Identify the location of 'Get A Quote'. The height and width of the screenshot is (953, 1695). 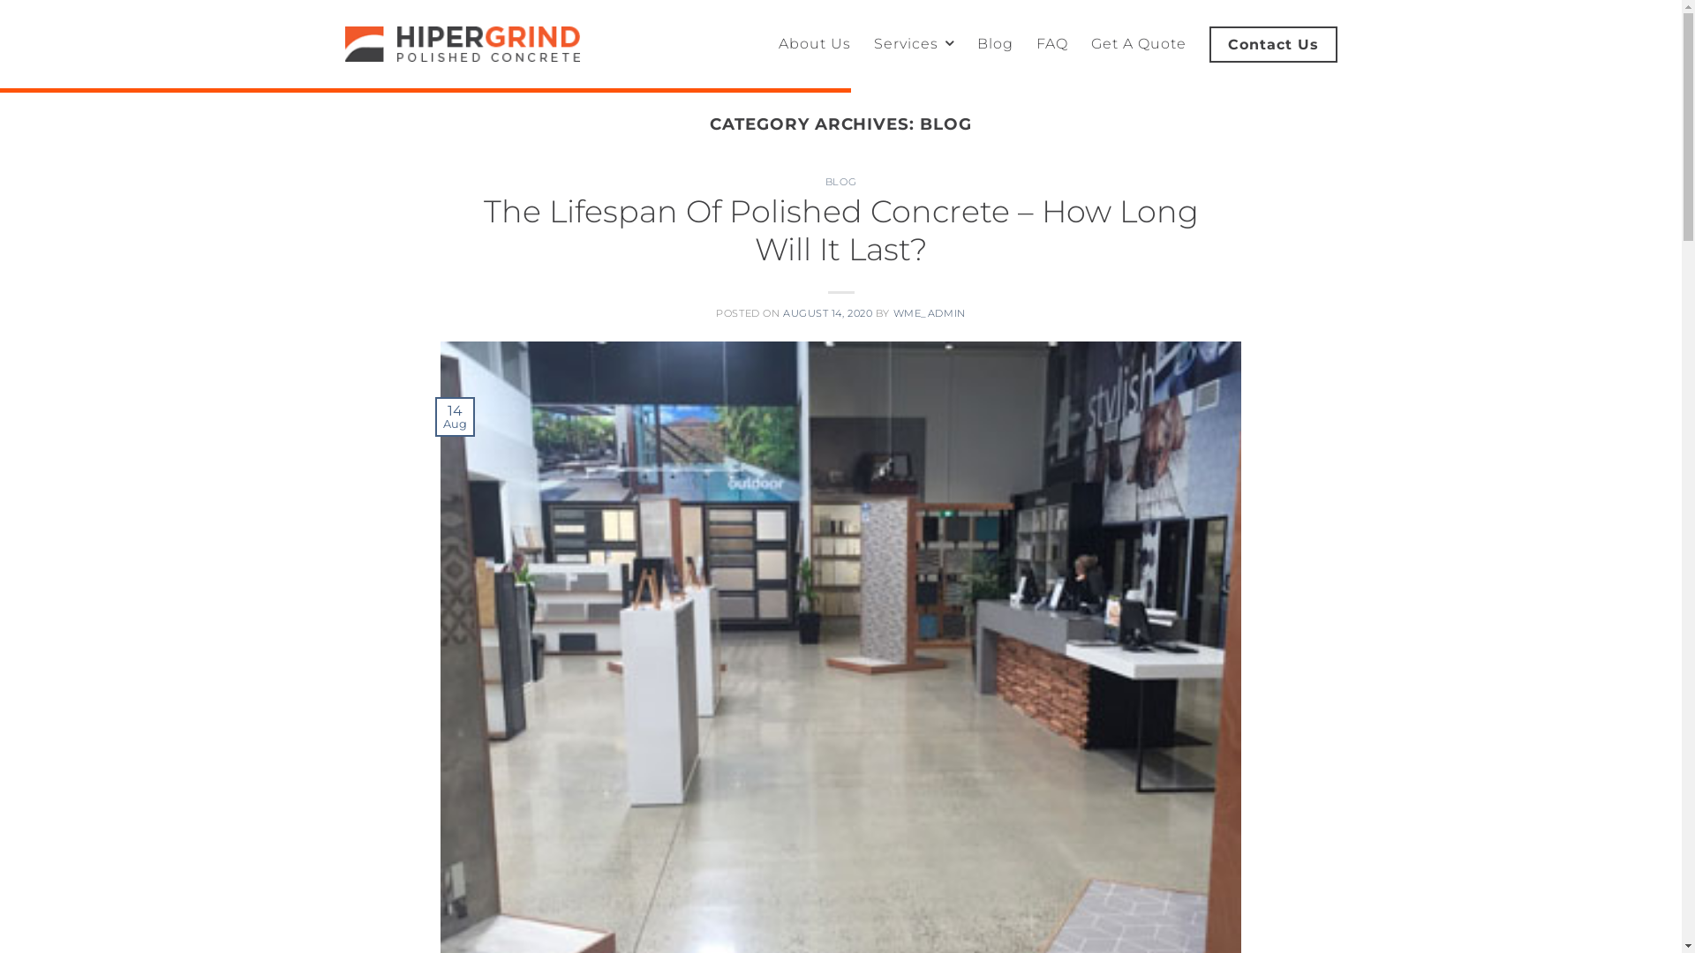
(1139, 43).